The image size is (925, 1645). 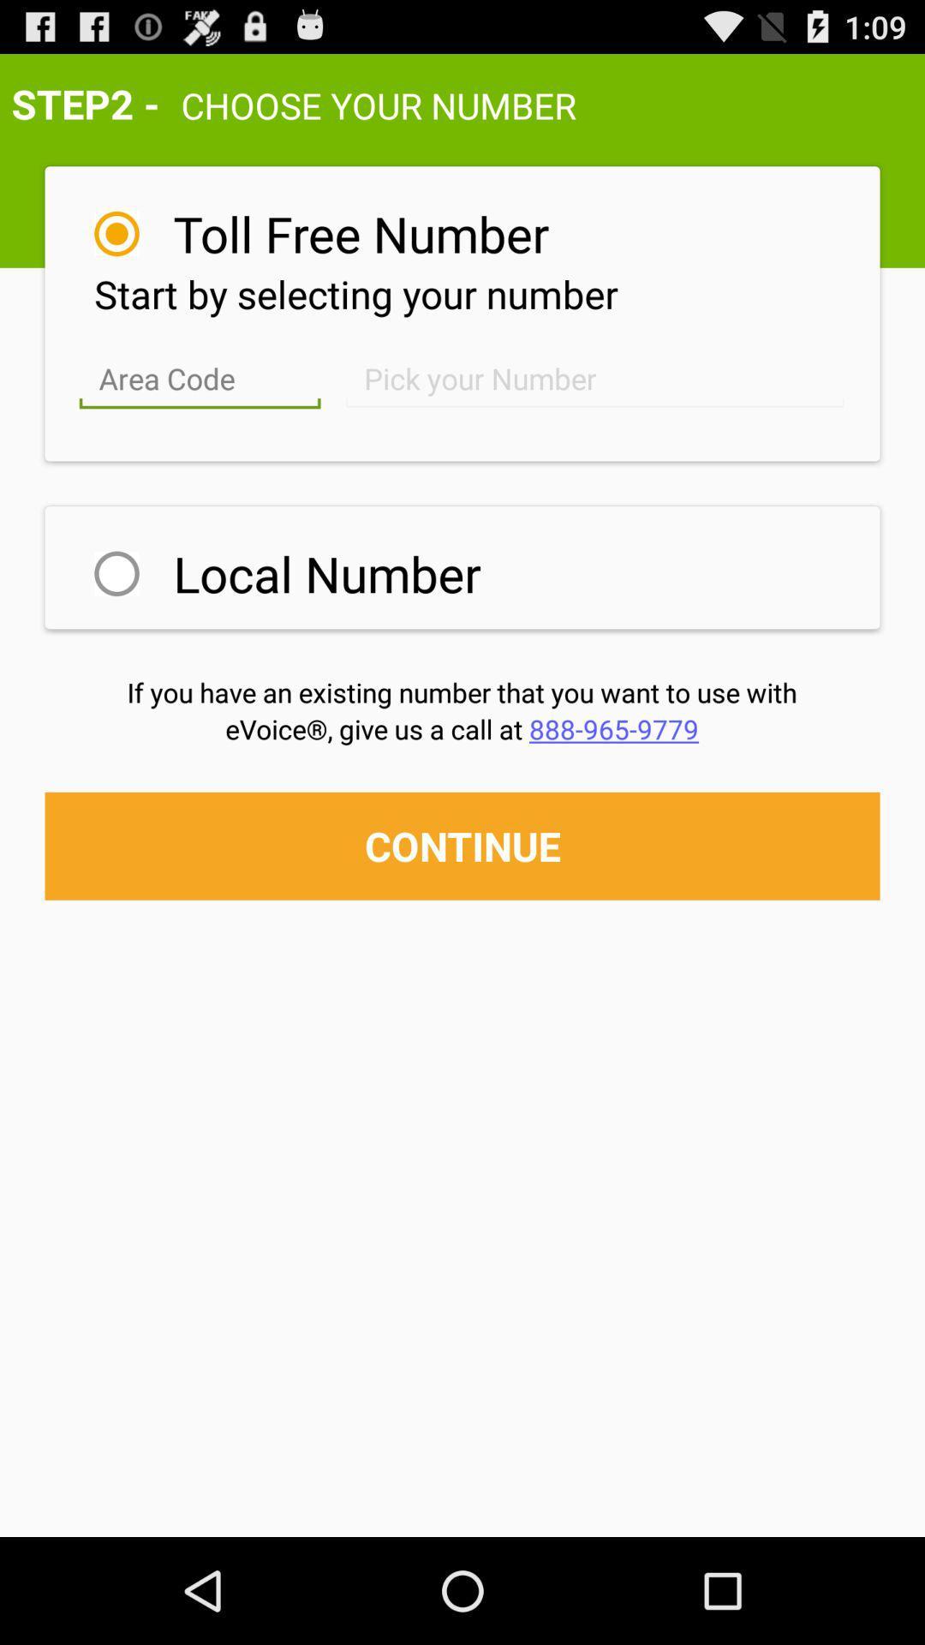 I want to click on local number, so click(x=327, y=573).